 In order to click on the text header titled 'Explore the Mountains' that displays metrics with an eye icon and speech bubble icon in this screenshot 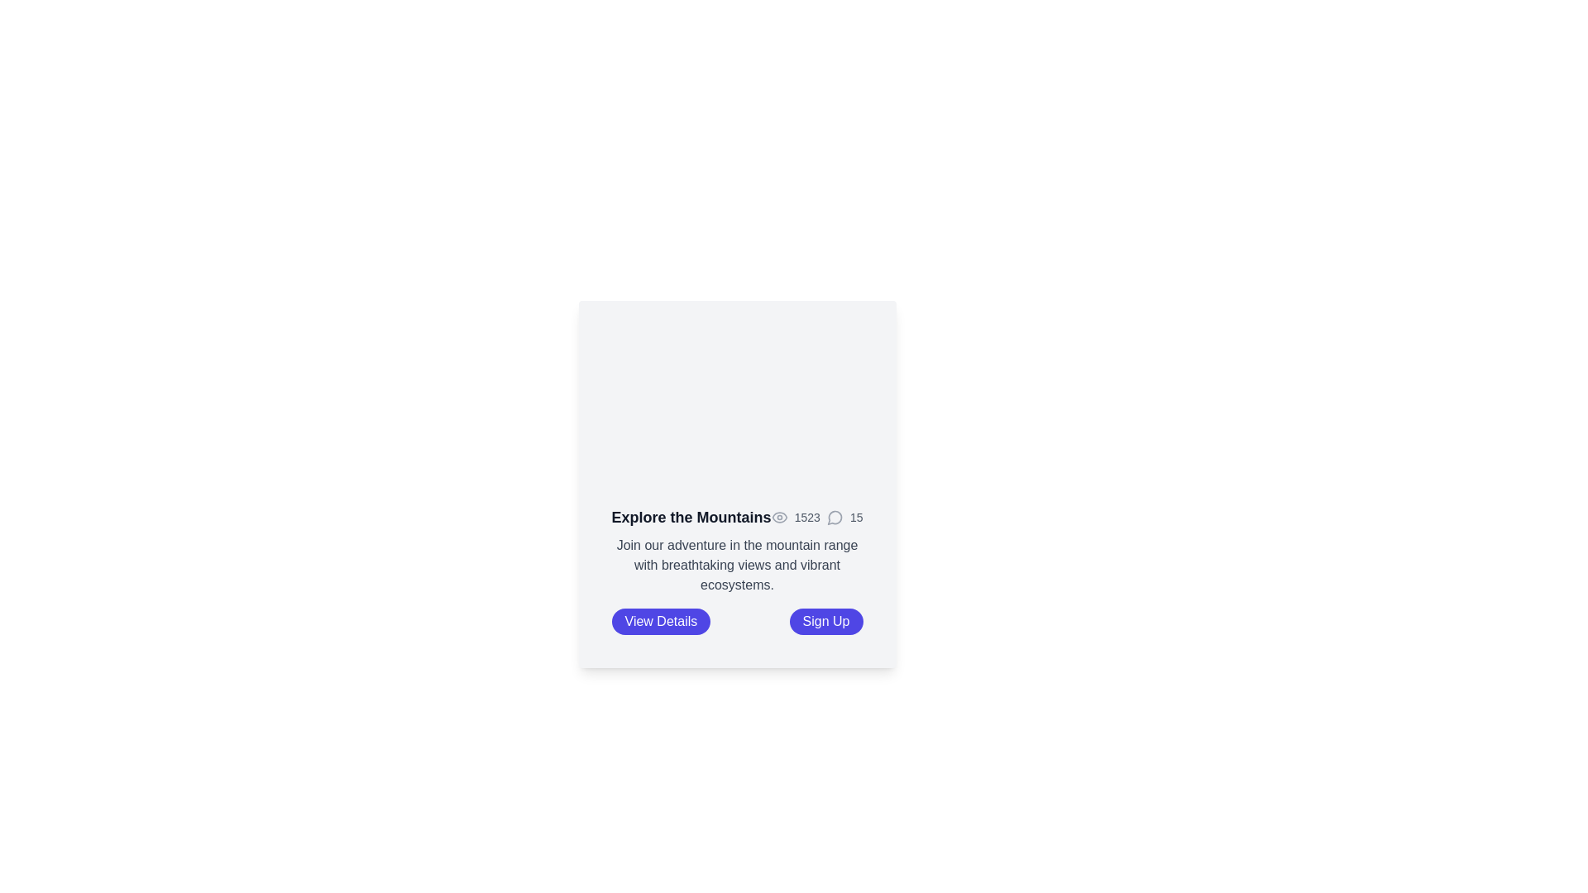, I will do `click(736, 516)`.